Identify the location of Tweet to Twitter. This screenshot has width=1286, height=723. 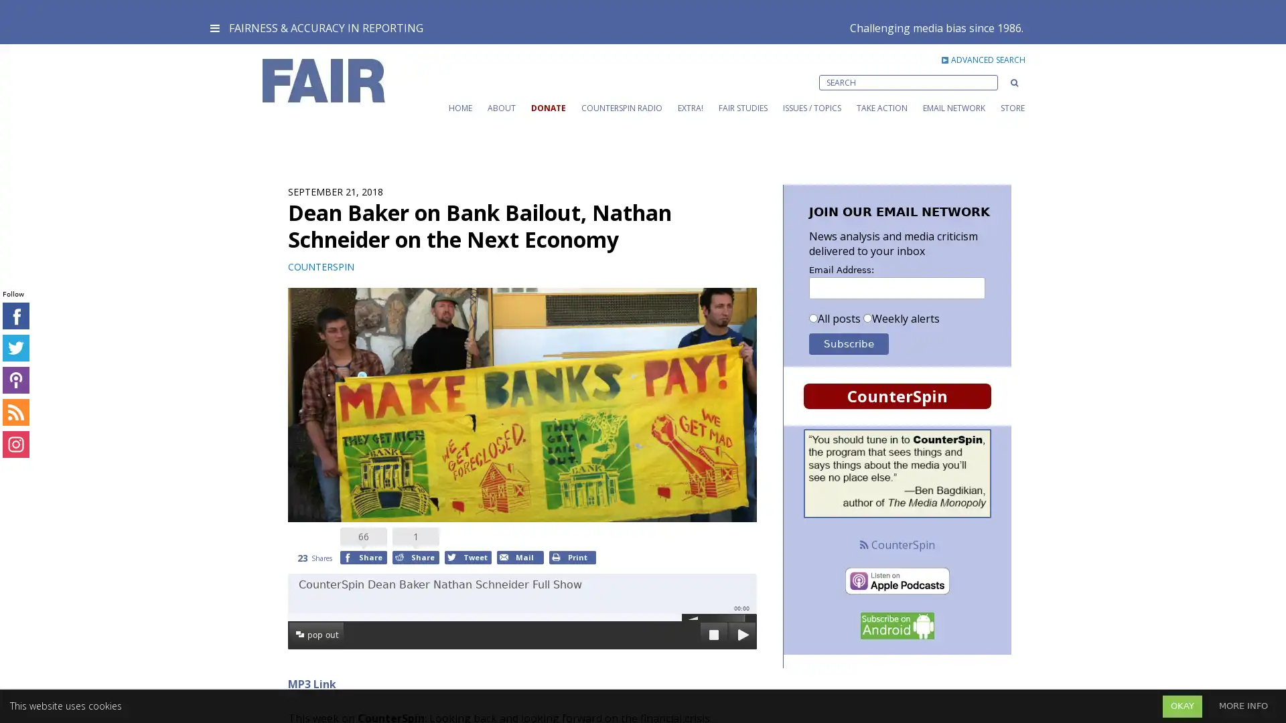
(468, 536).